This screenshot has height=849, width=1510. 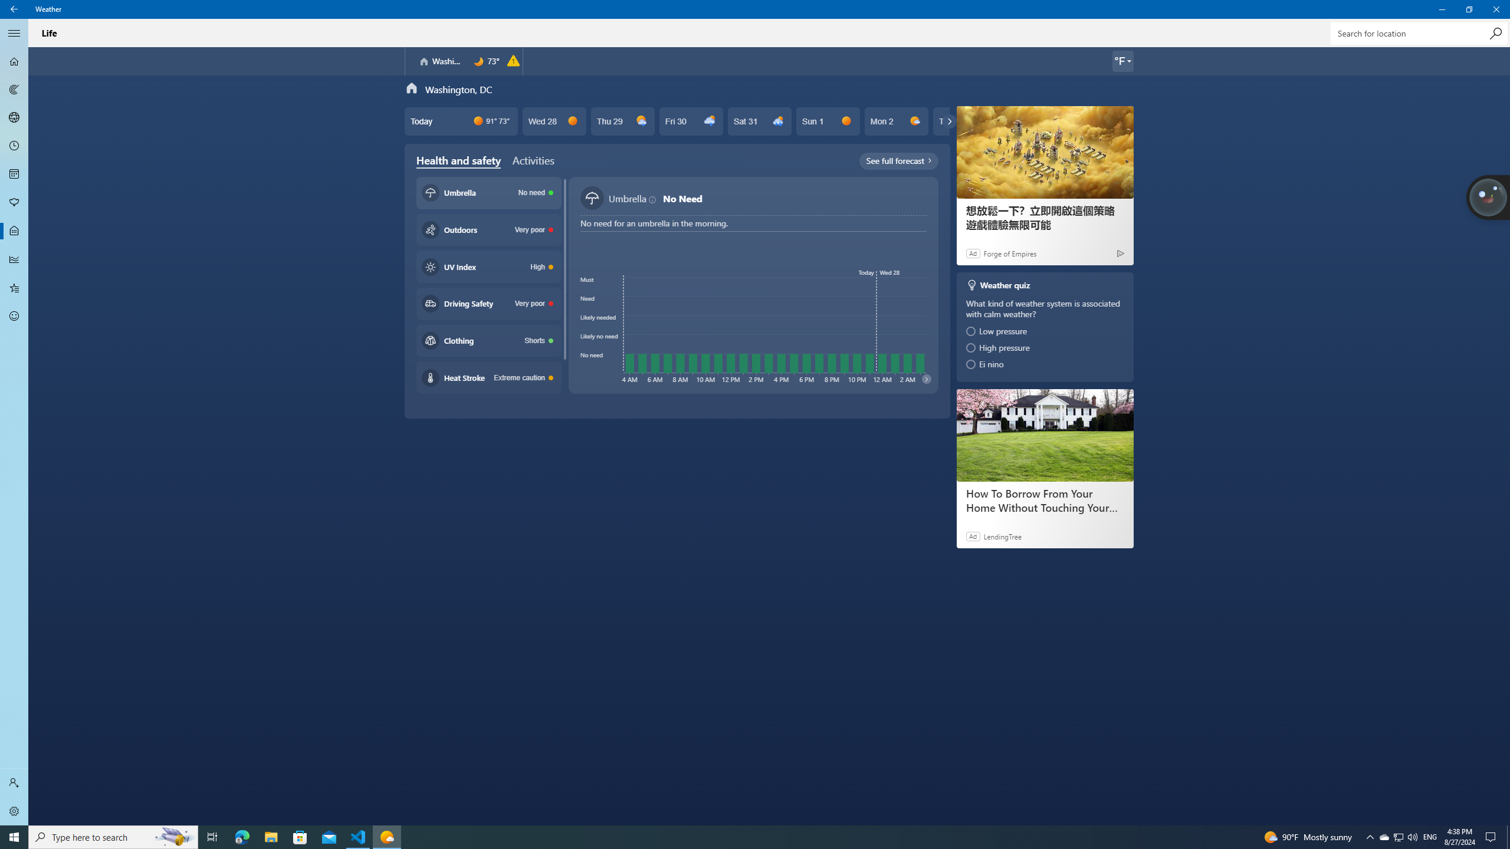 What do you see at coordinates (14, 316) in the screenshot?
I see `'Send Feedback - Not Selected'` at bounding box center [14, 316].